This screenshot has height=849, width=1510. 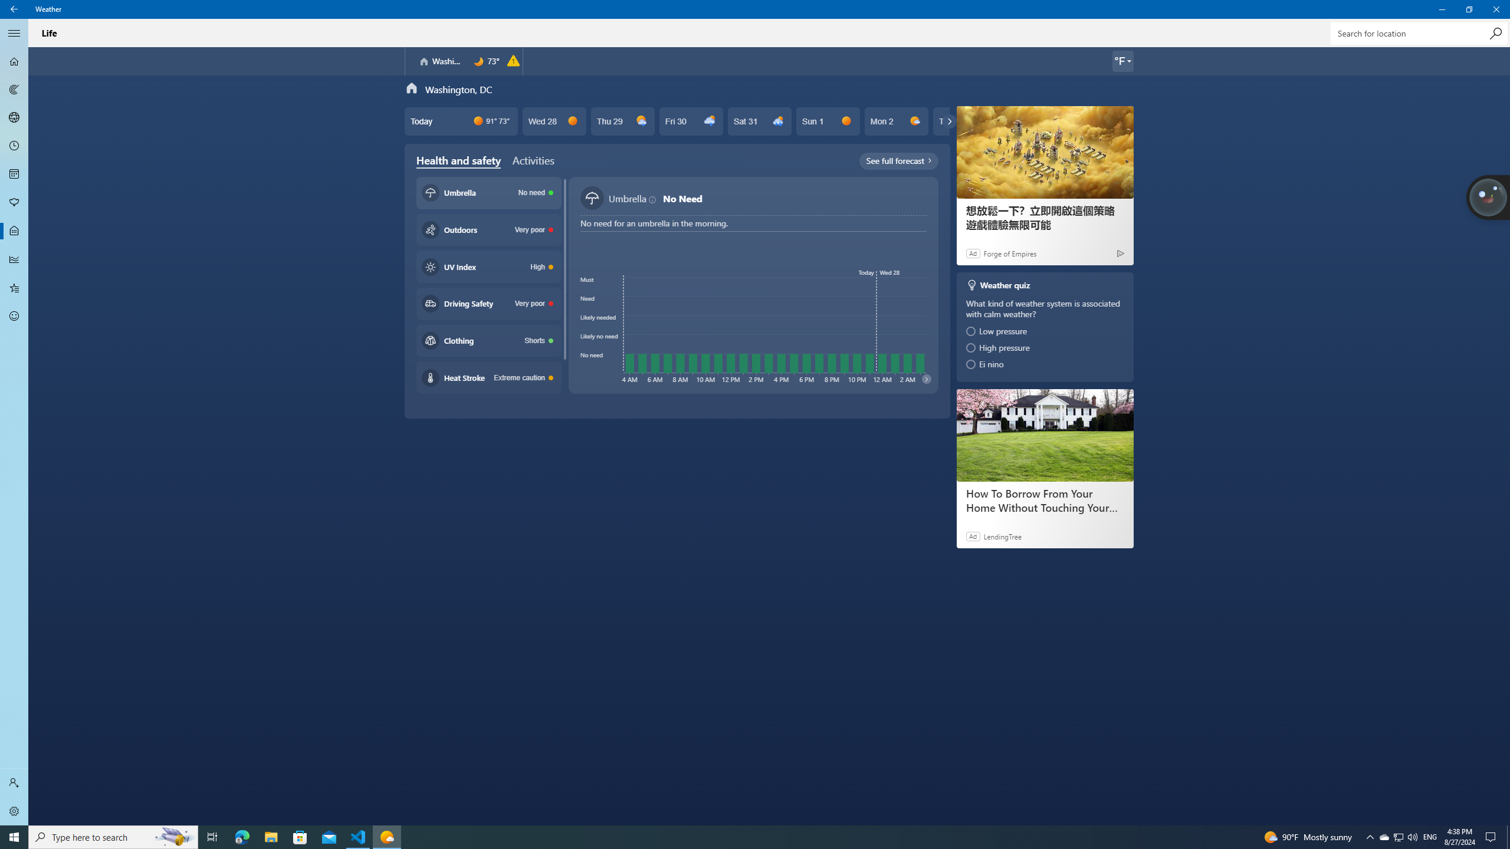 What do you see at coordinates (14, 316) in the screenshot?
I see `'Send Feedback - Not Selected'` at bounding box center [14, 316].